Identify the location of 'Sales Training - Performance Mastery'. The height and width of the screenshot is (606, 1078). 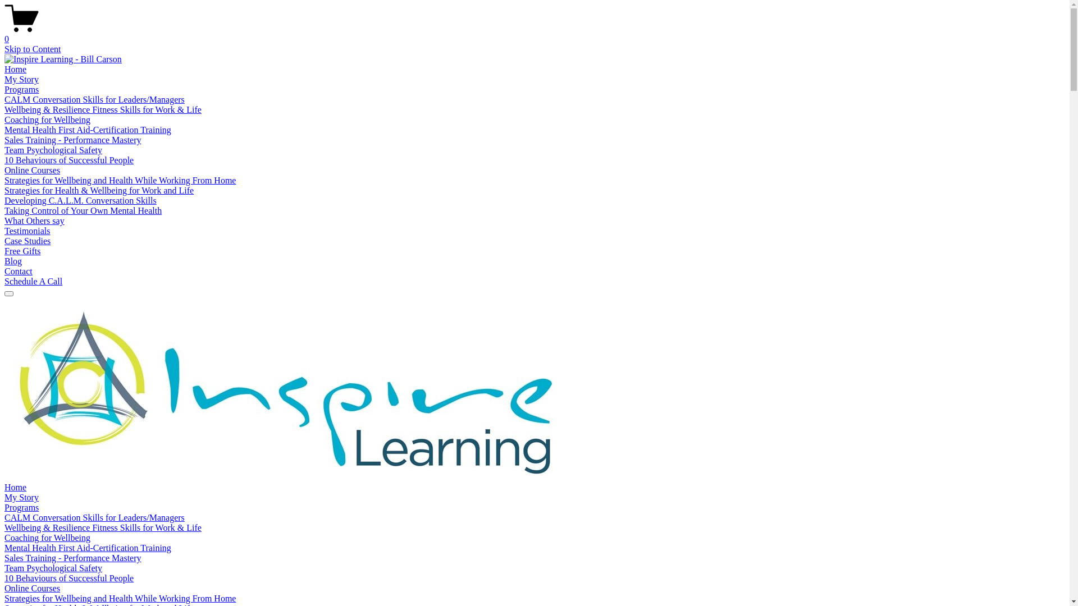
(72, 558).